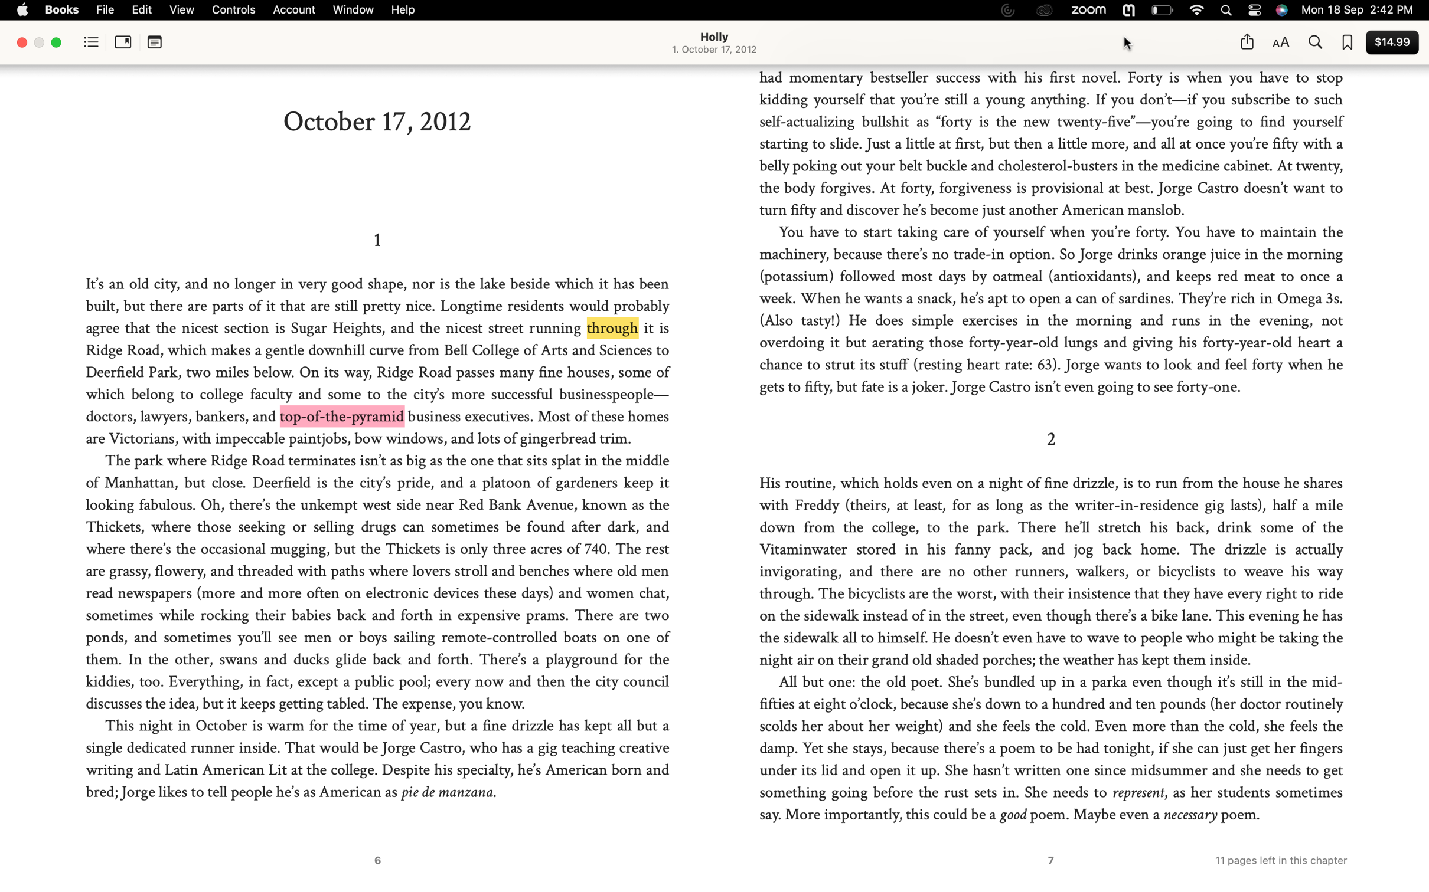 The height and width of the screenshot is (892, 1429). I want to click on the text style to Arial, so click(1280, 43).